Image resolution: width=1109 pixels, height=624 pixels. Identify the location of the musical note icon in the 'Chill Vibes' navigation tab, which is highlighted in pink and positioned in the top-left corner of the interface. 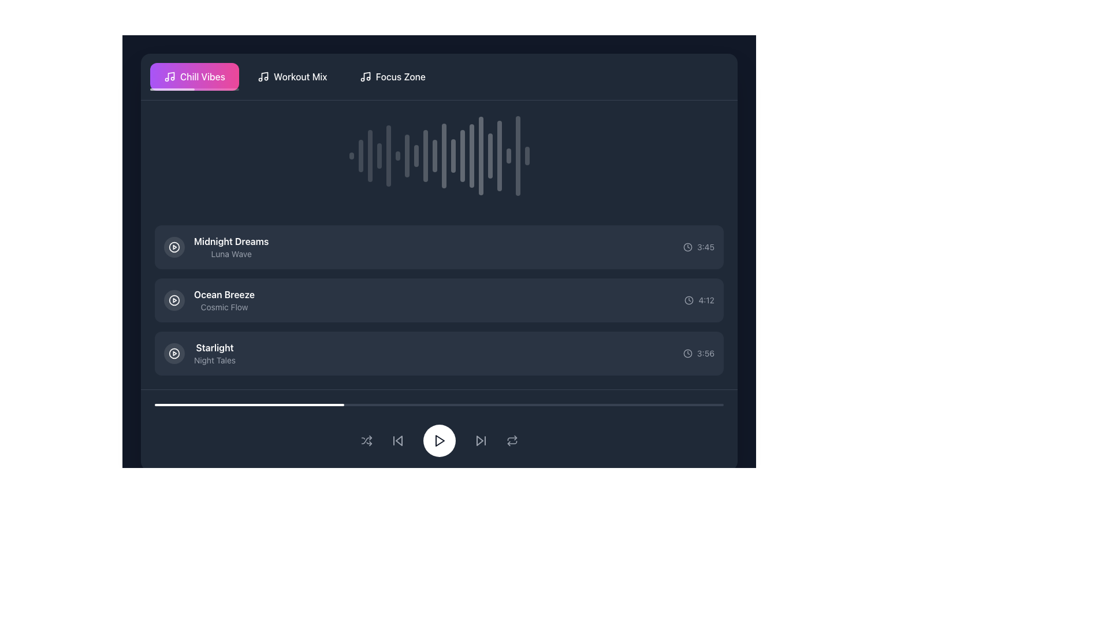
(169, 76).